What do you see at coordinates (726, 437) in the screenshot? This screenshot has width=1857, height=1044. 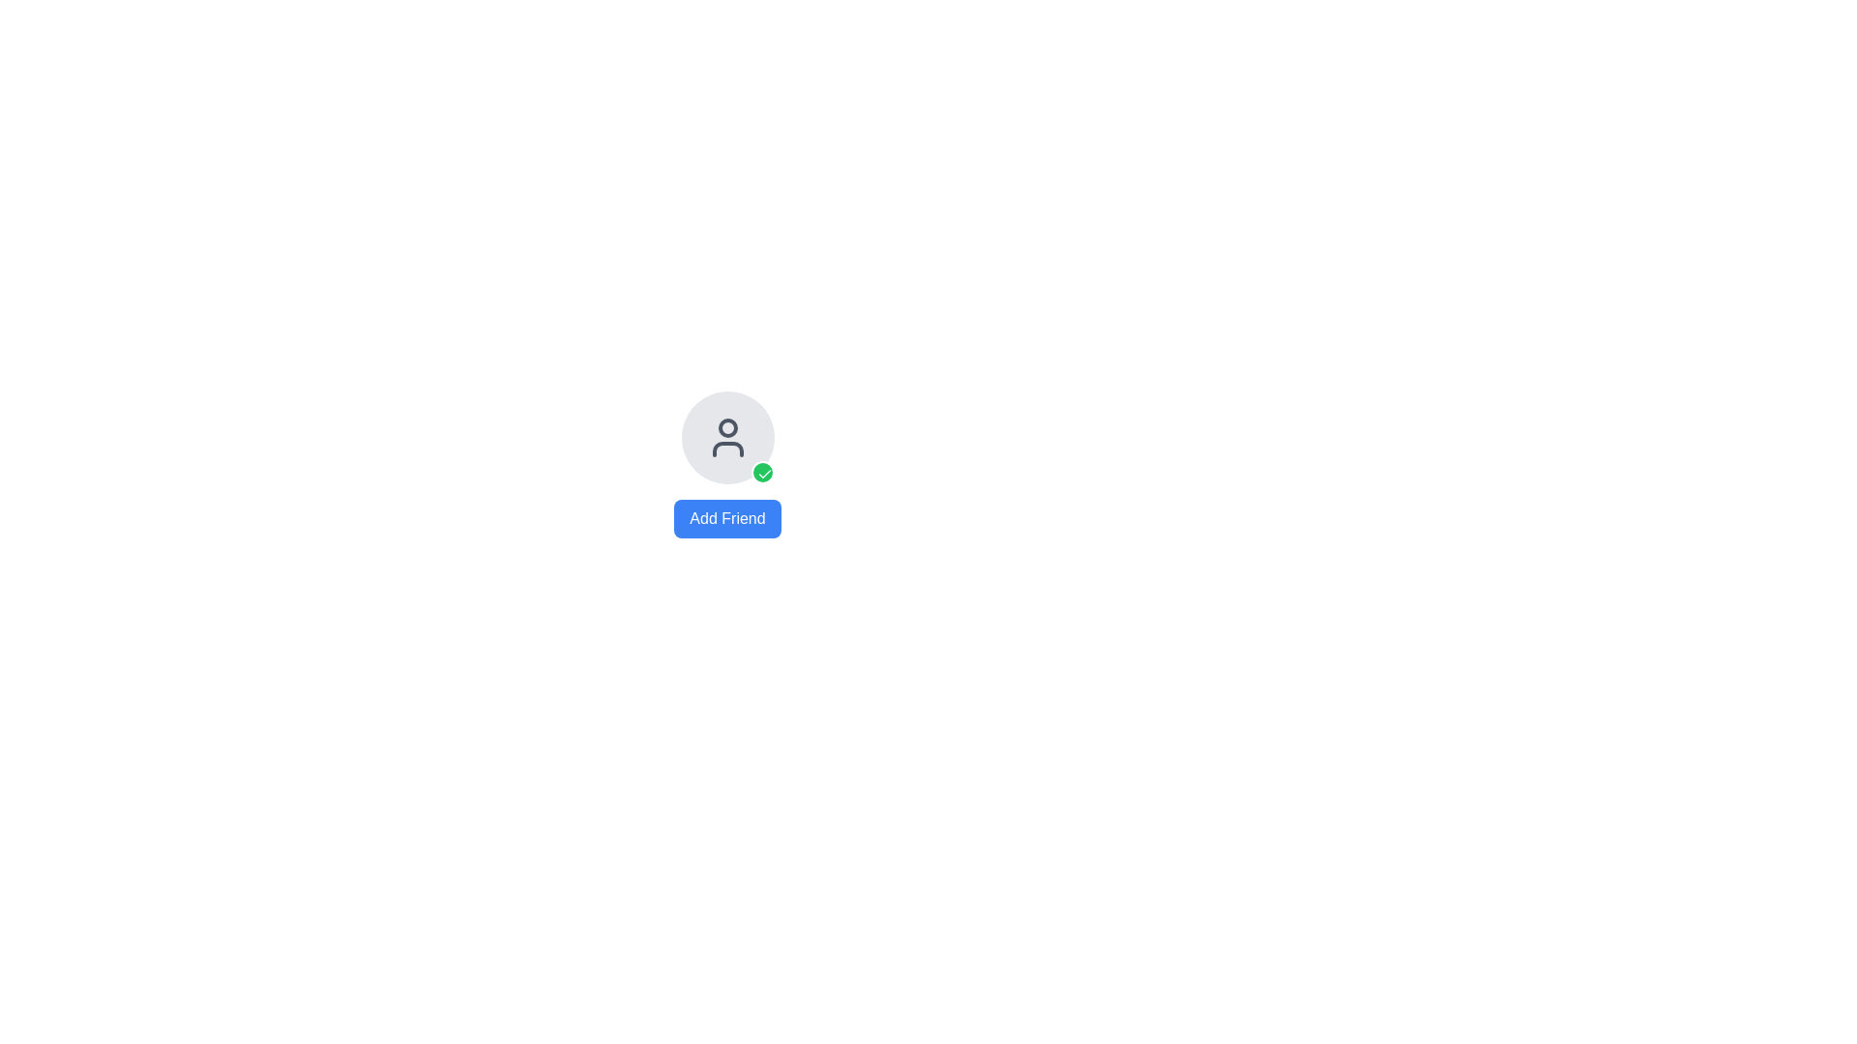 I see `Profile Avatar element, which represents a user profile with a green badge indicating active or verified status, located above the 'Add Friend' button` at bounding box center [726, 437].